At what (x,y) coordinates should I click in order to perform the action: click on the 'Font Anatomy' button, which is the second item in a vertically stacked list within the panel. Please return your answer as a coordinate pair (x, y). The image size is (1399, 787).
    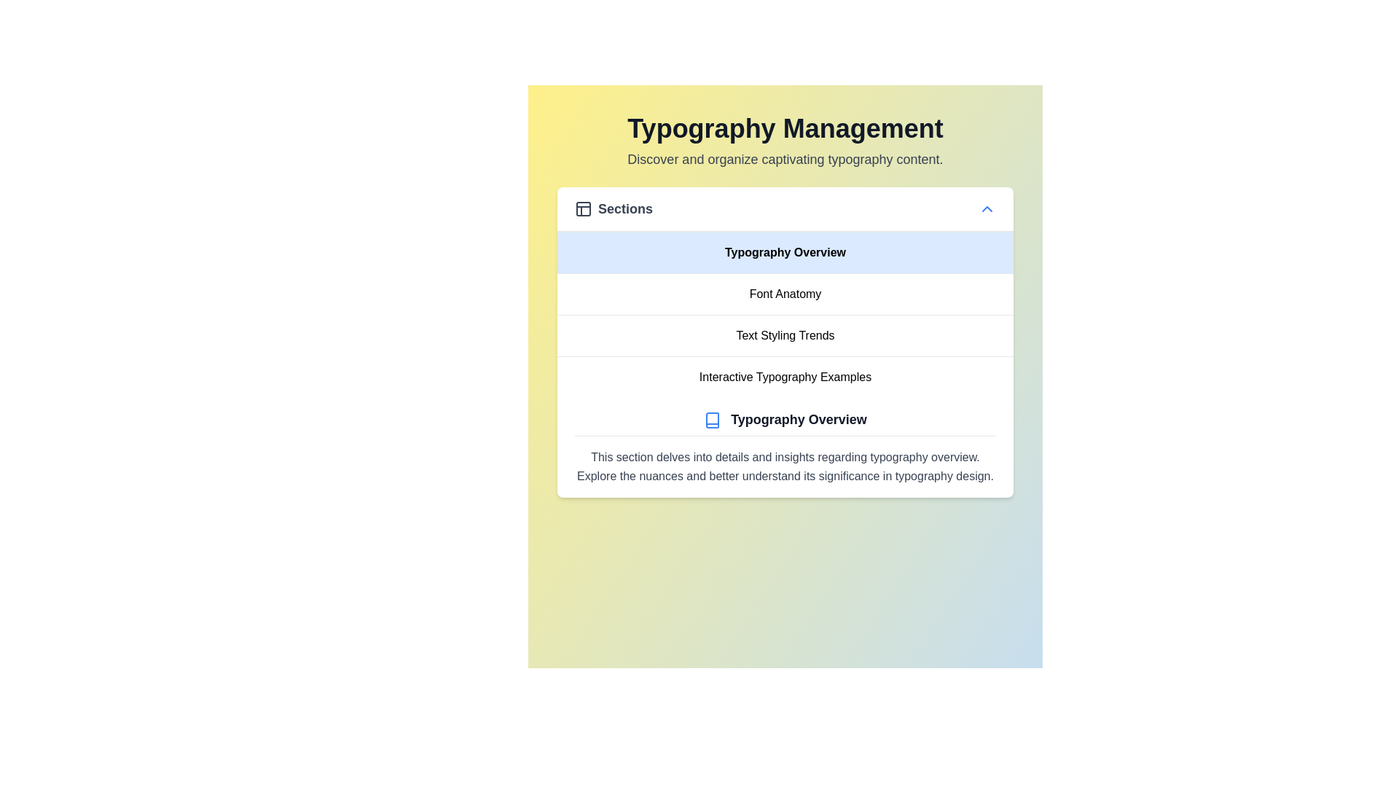
    Looking at the image, I should click on (785, 294).